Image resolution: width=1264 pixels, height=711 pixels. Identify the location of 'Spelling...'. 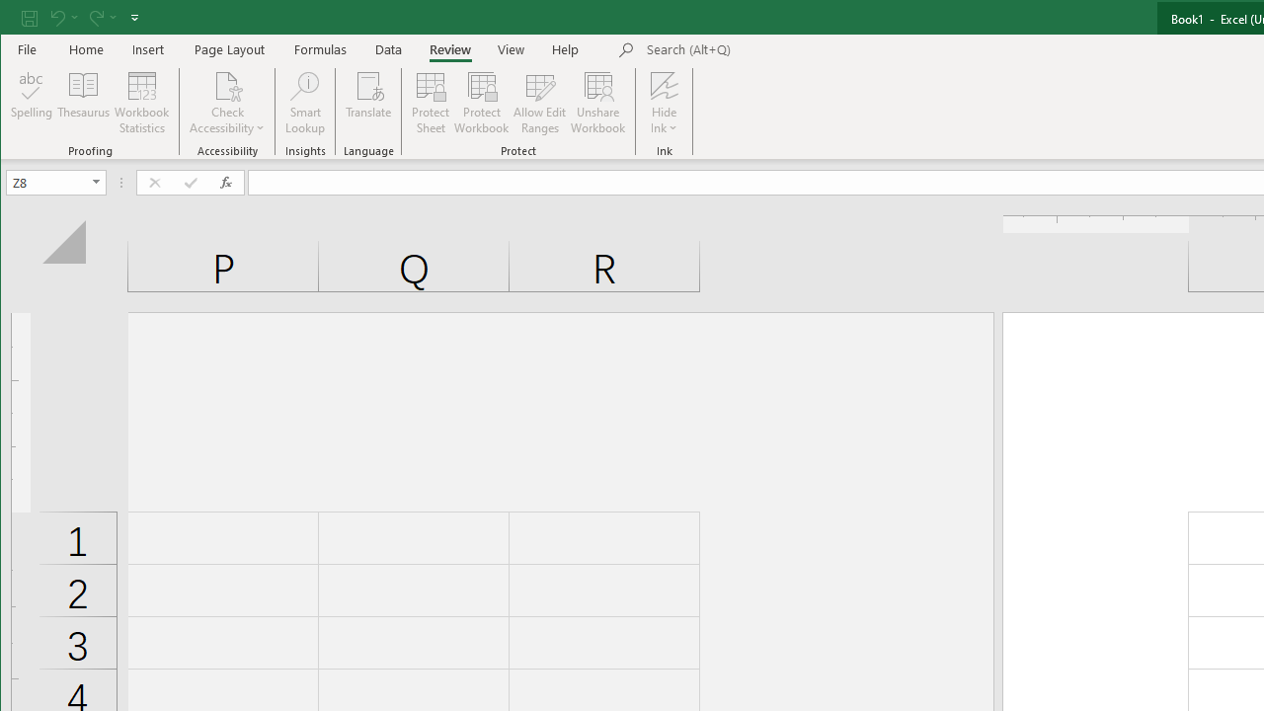
(32, 103).